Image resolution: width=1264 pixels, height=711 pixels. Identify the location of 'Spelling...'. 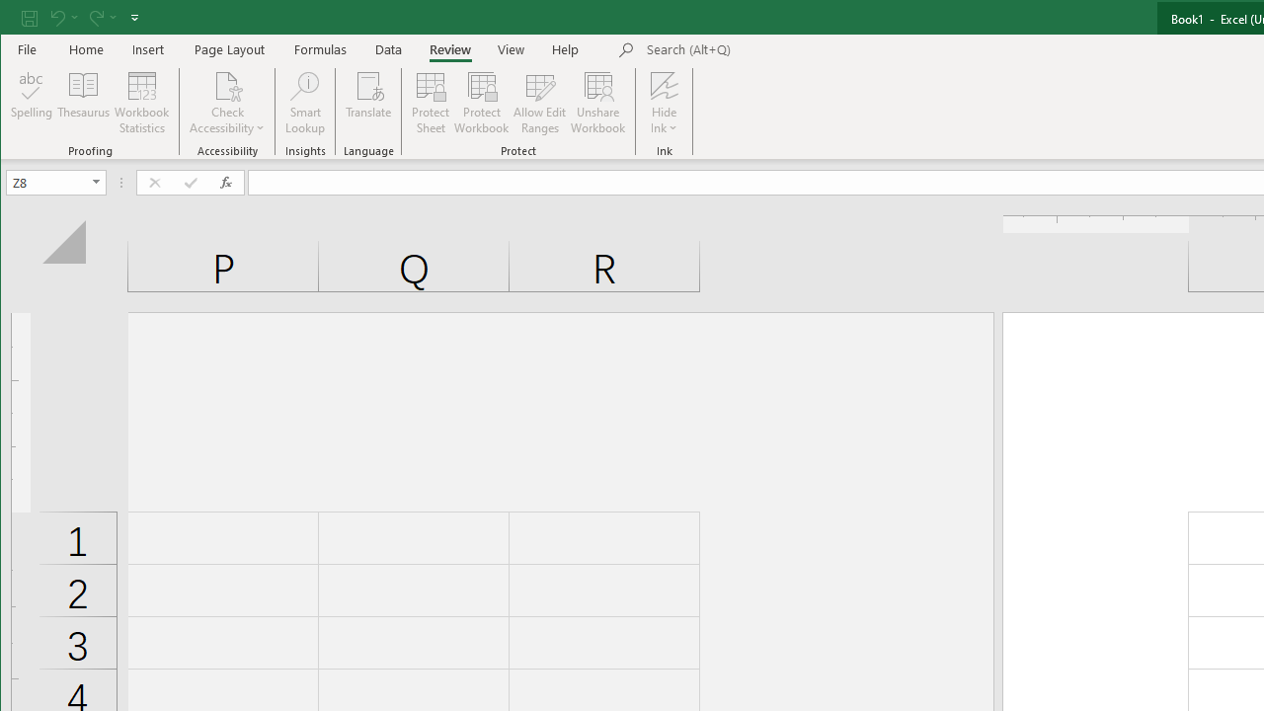
(32, 103).